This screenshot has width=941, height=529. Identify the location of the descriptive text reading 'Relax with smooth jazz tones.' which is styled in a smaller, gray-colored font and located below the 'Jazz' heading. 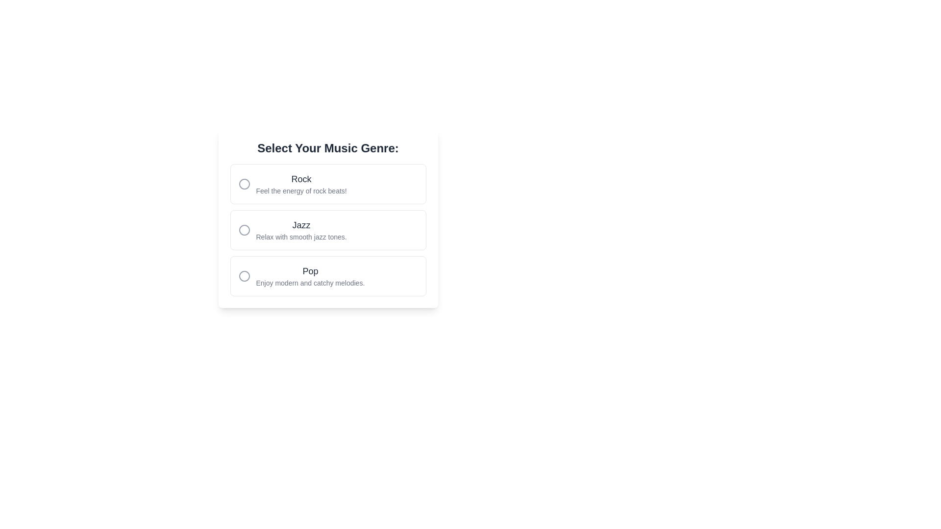
(301, 237).